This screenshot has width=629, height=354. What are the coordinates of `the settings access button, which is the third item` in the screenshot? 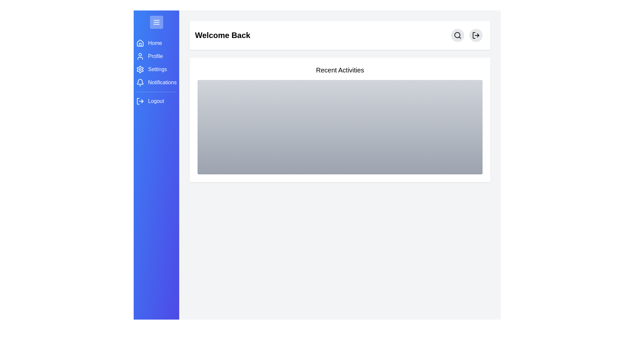 It's located at (156, 69).